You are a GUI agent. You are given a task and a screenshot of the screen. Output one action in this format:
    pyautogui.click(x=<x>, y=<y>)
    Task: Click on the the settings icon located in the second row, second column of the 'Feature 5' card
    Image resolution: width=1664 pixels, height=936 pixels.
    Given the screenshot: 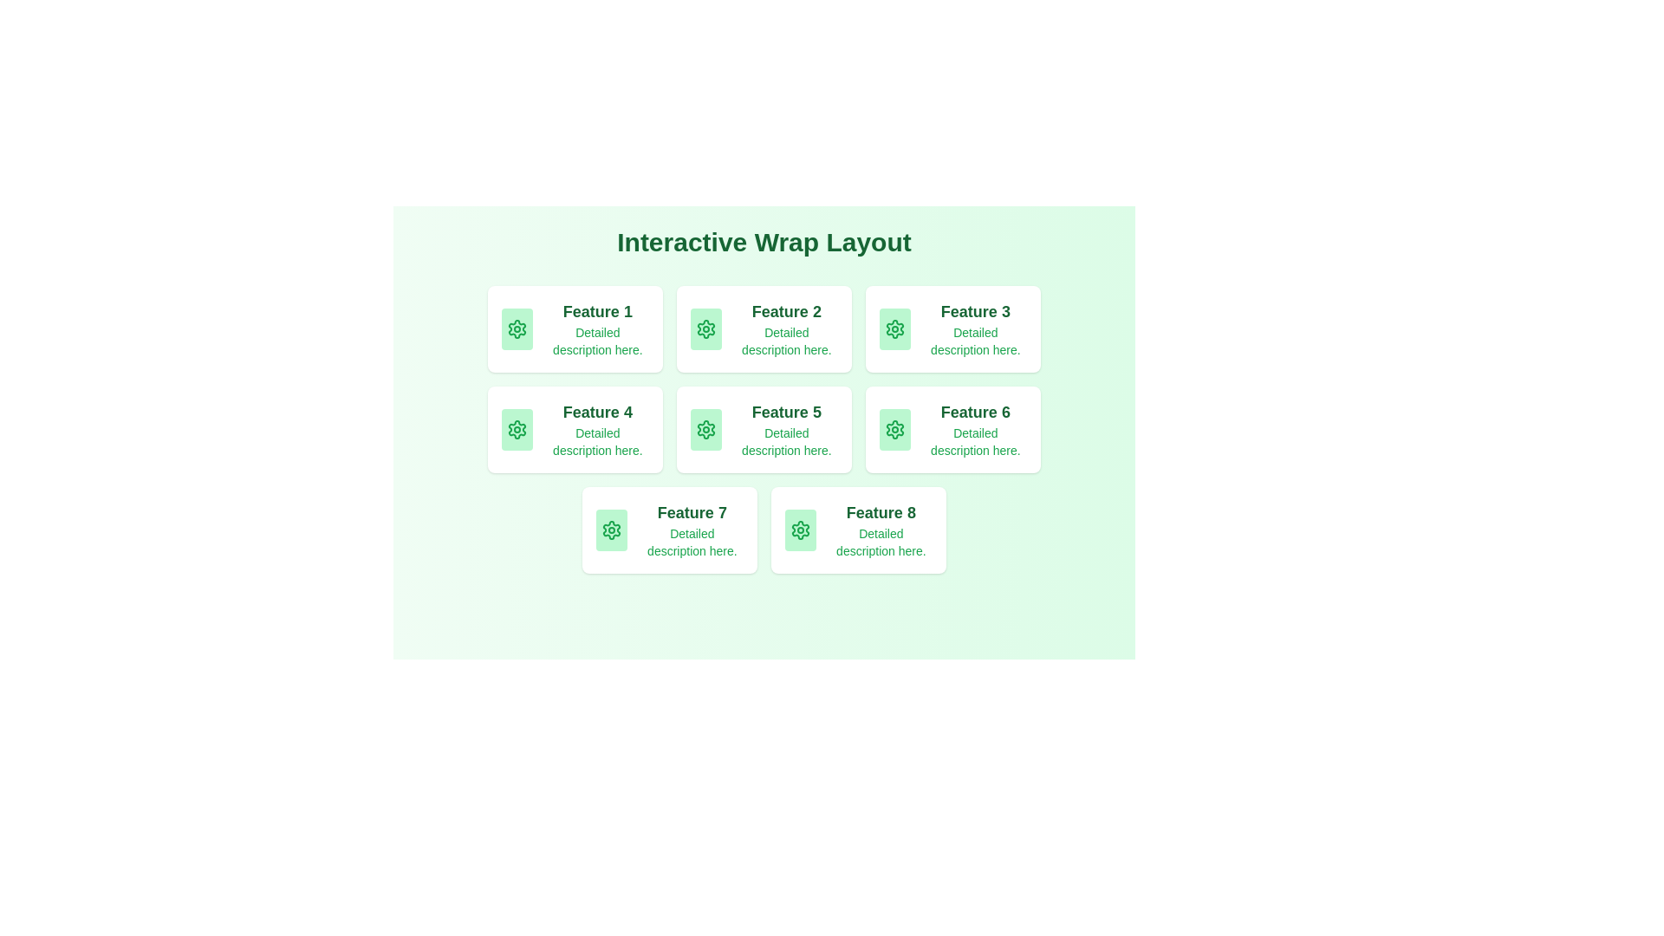 What is the action you would take?
    pyautogui.click(x=705, y=429)
    